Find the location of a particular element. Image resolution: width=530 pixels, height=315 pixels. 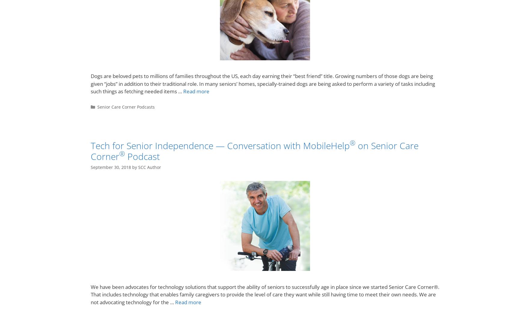

'Senior Care Corner Podcasts' is located at coordinates (97, 106).